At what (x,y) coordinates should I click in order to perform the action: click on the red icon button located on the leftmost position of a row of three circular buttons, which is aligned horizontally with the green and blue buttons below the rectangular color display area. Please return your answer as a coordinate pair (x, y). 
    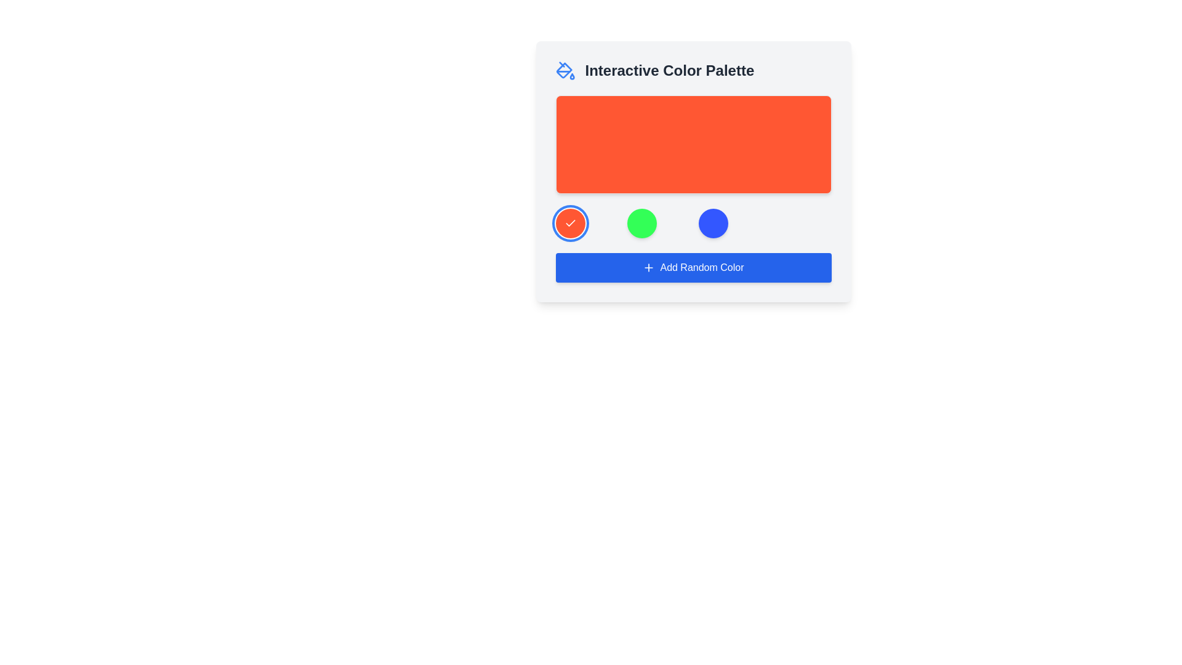
    Looking at the image, I should click on (569, 223).